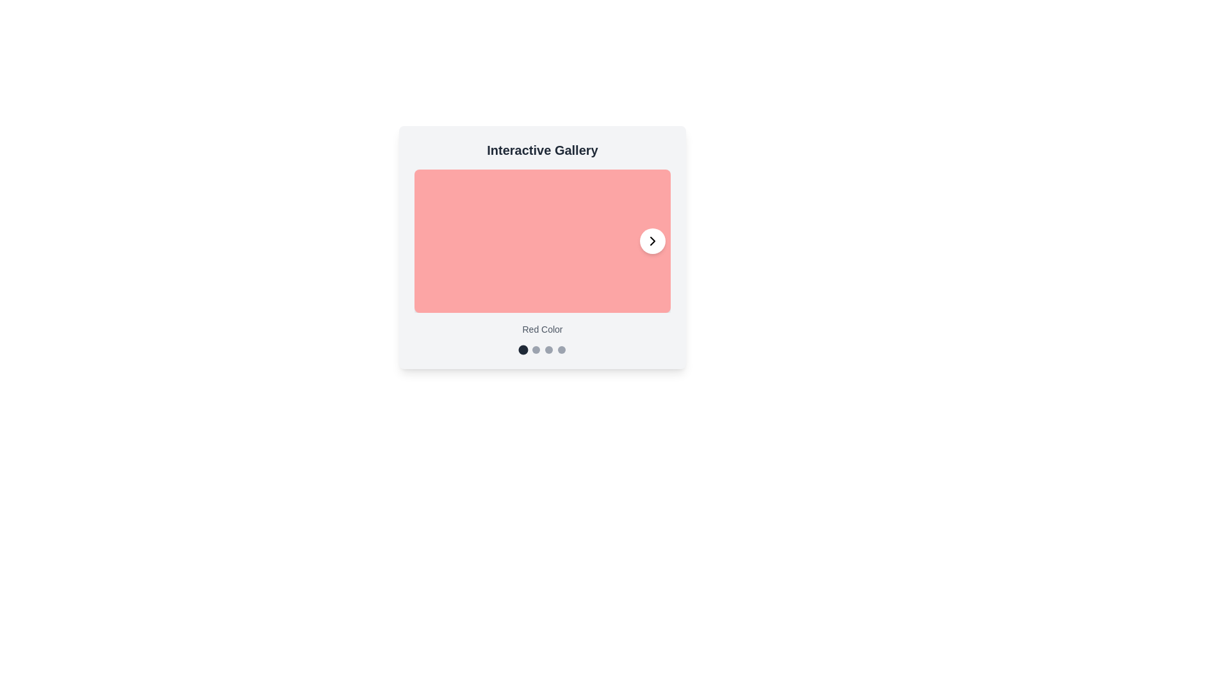 Image resolution: width=1230 pixels, height=691 pixels. Describe the element at coordinates (652, 241) in the screenshot. I see `the circular button with a white background and a black chevron pointing right` at that location.